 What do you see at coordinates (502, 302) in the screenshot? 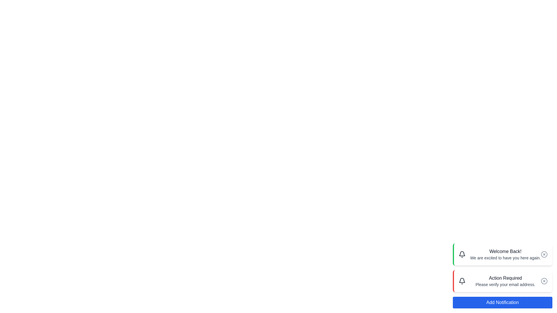
I see `the 'Add Notification' button to add a new notification` at bounding box center [502, 302].